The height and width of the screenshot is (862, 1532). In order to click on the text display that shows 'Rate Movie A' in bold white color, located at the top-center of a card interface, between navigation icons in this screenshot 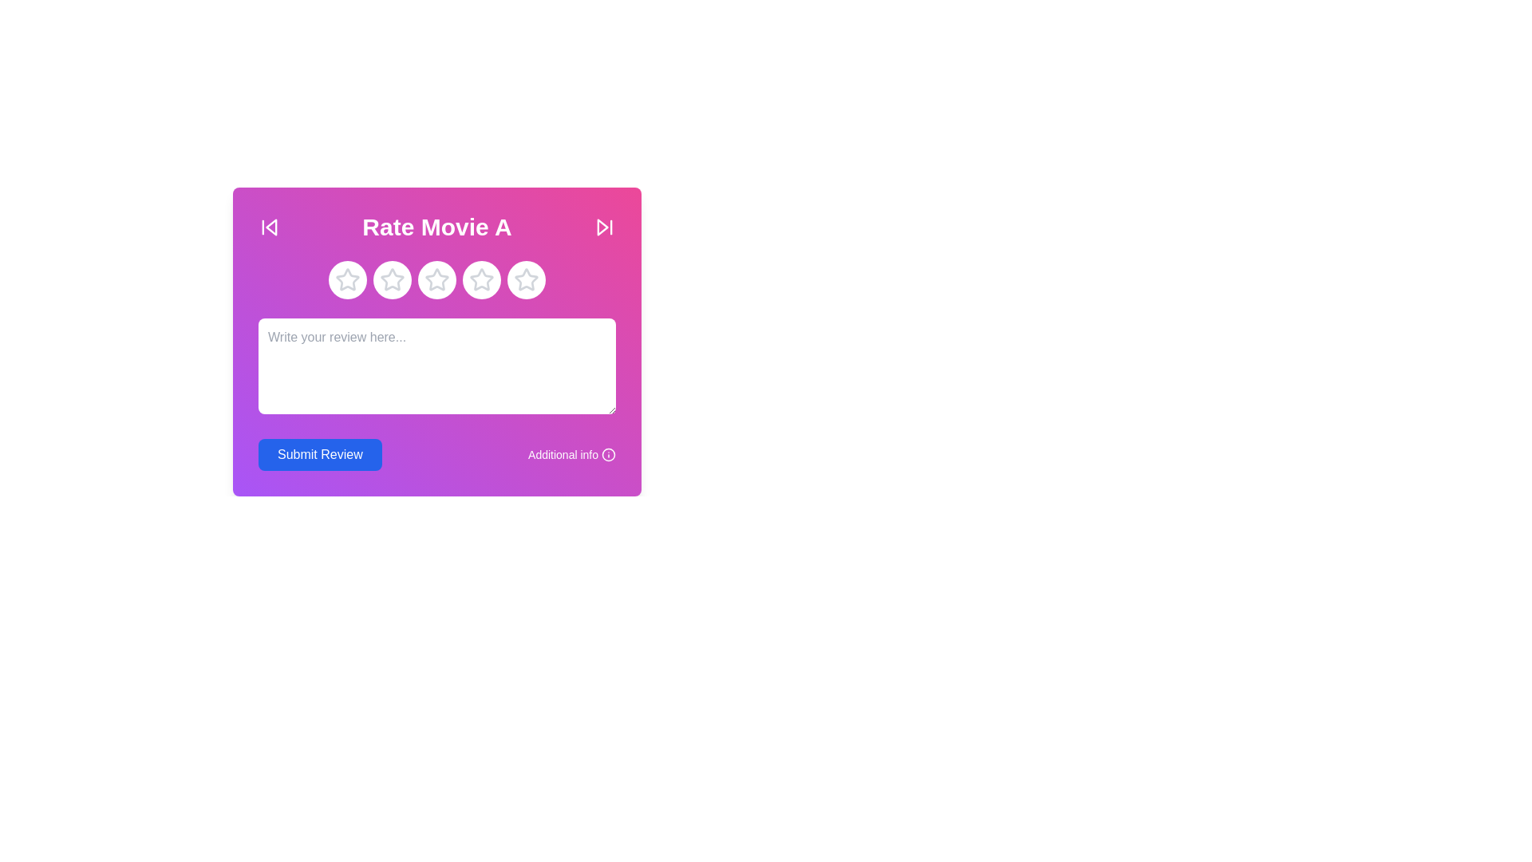, I will do `click(436, 227)`.